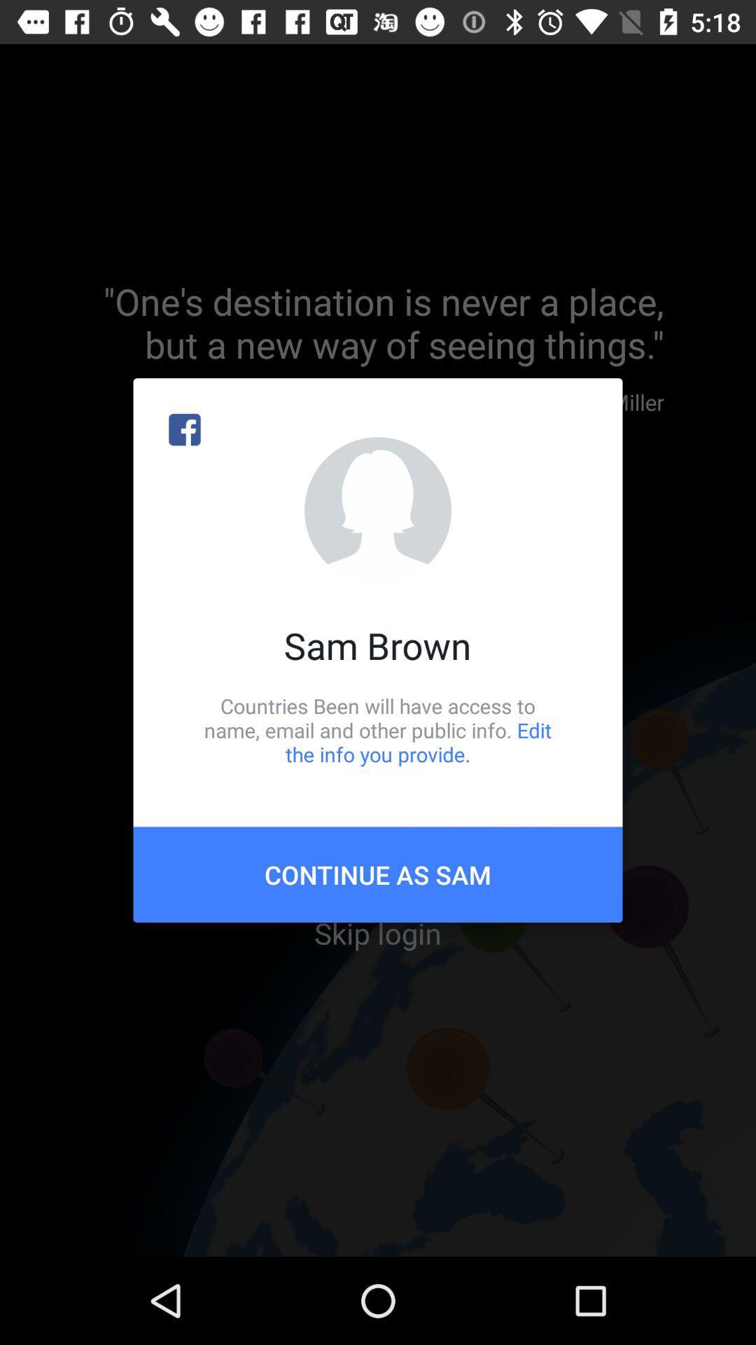  I want to click on icon above continue as sam item, so click(378, 729).